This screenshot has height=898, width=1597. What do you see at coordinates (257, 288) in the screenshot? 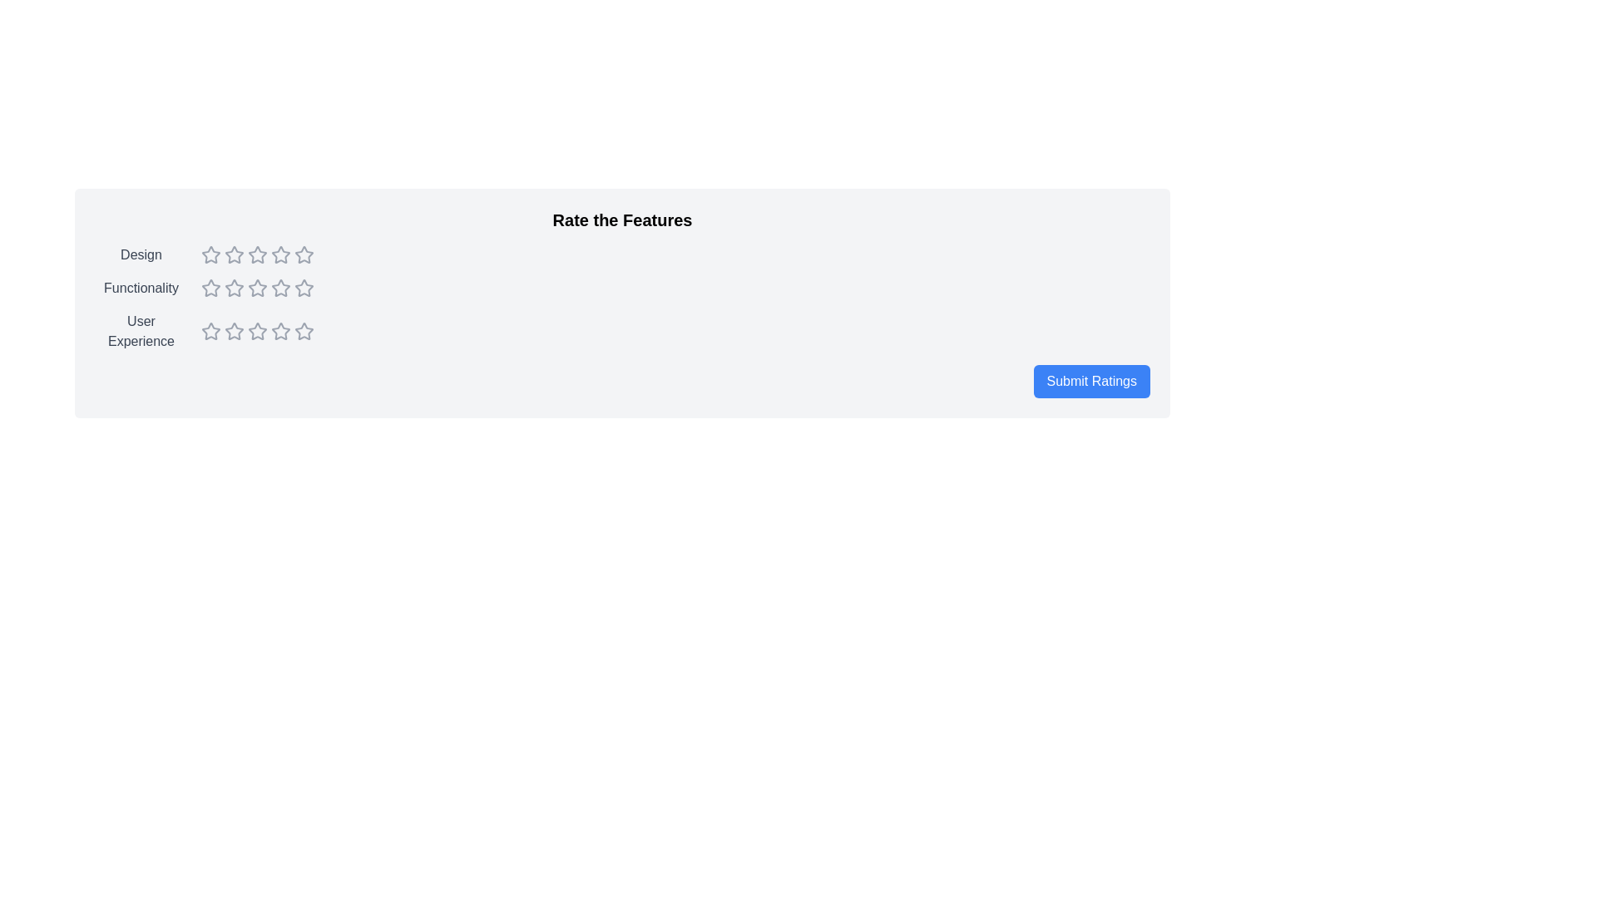
I see `the third star icon` at bounding box center [257, 288].